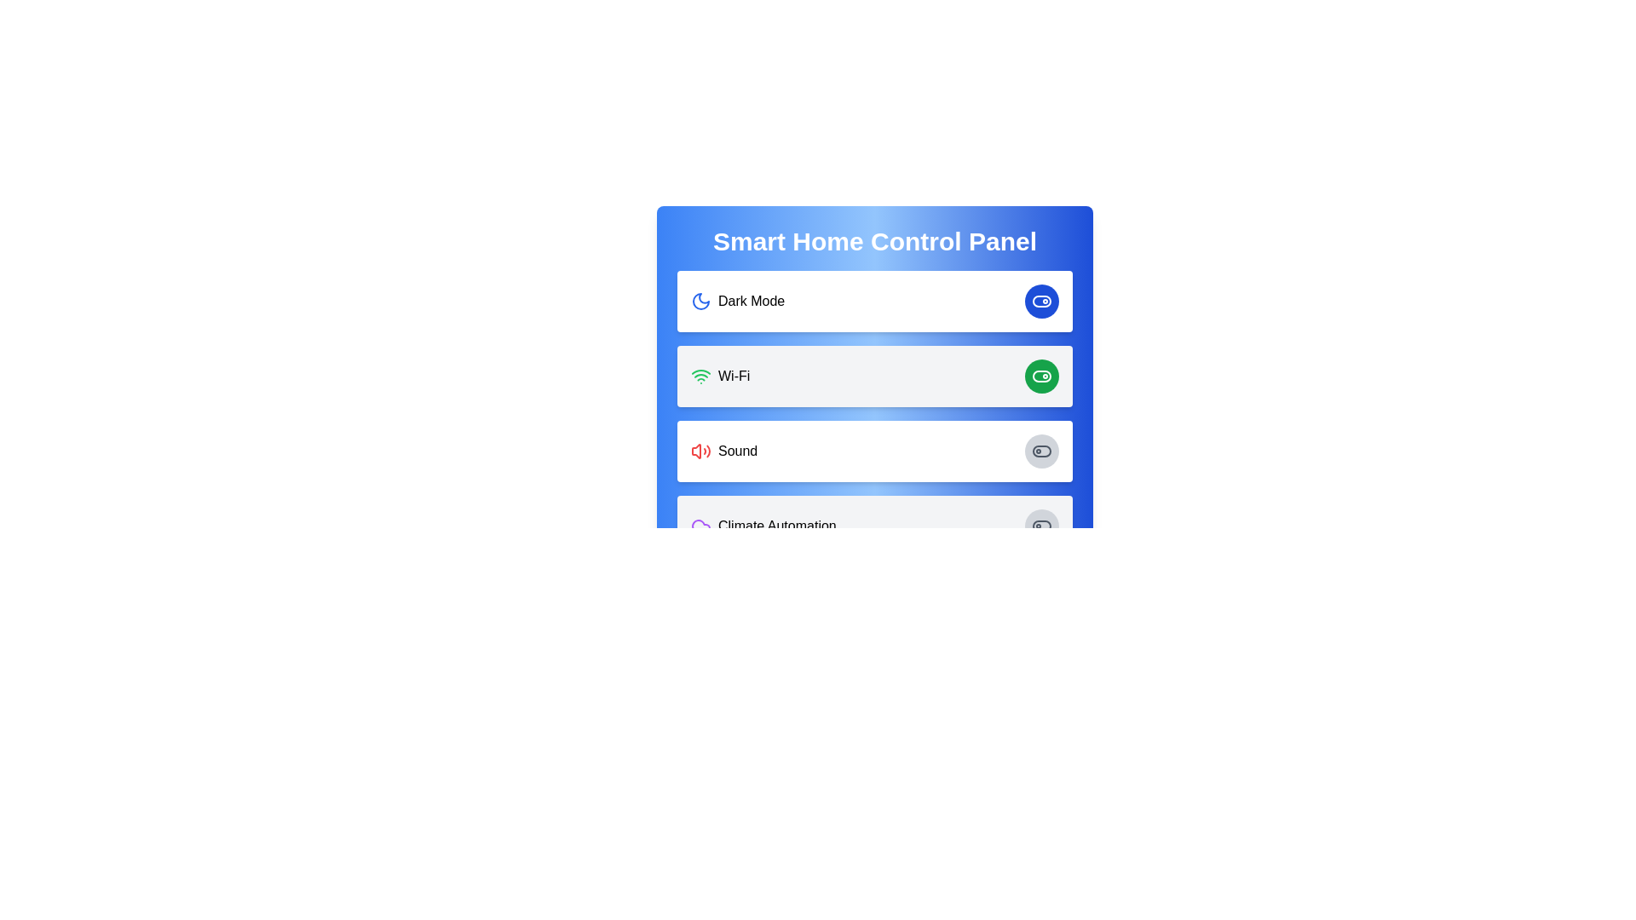 Image resolution: width=1636 pixels, height=920 pixels. Describe the element at coordinates (763, 525) in the screenshot. I see `the 'Climate Automation' label with the cloud icon, which is located on the right-hand side of the Smart Home Control Panel, beneath the 'Sound' row` at that location.